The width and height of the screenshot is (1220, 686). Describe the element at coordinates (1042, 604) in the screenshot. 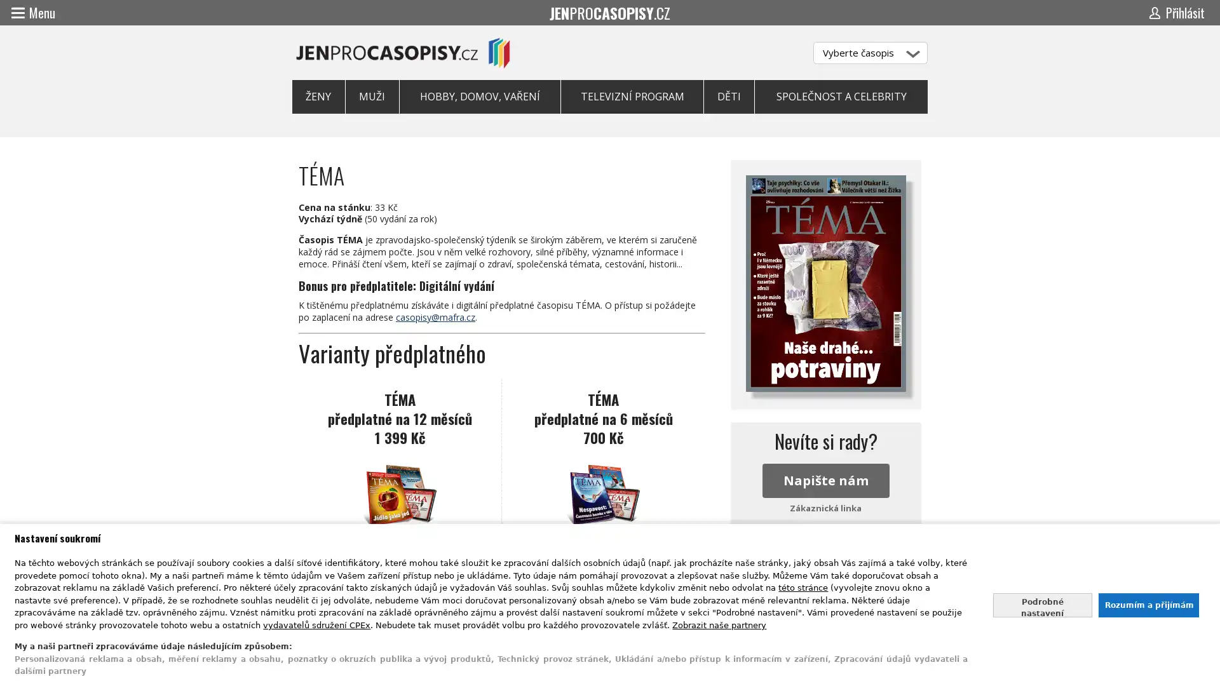

I see `Nastavte sve souhlasy` at that location.